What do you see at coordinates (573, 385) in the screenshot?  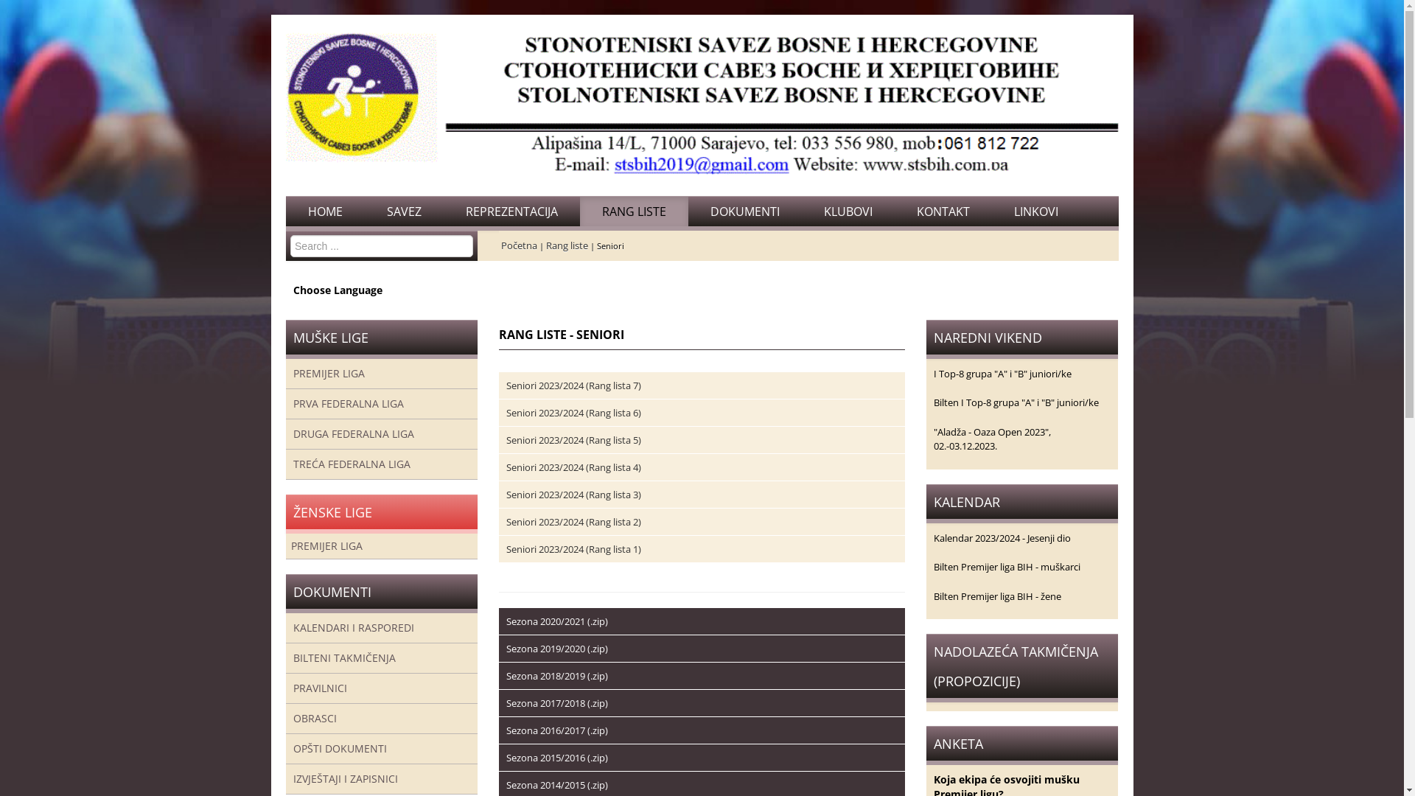 I see `'Seniori 2023/2024 (Rang lista 7)'` at bounding box center [573, 385].